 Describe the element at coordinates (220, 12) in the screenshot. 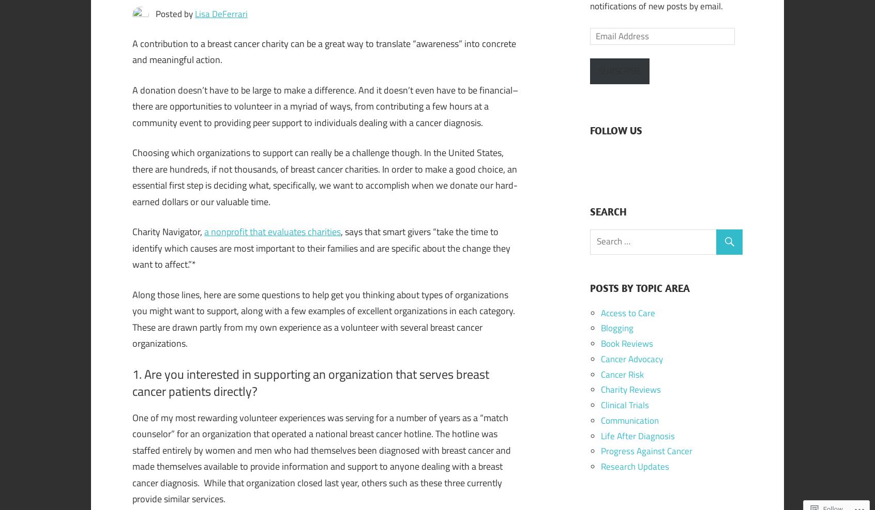

I see `'Lisa DeFerrari'` at that location.